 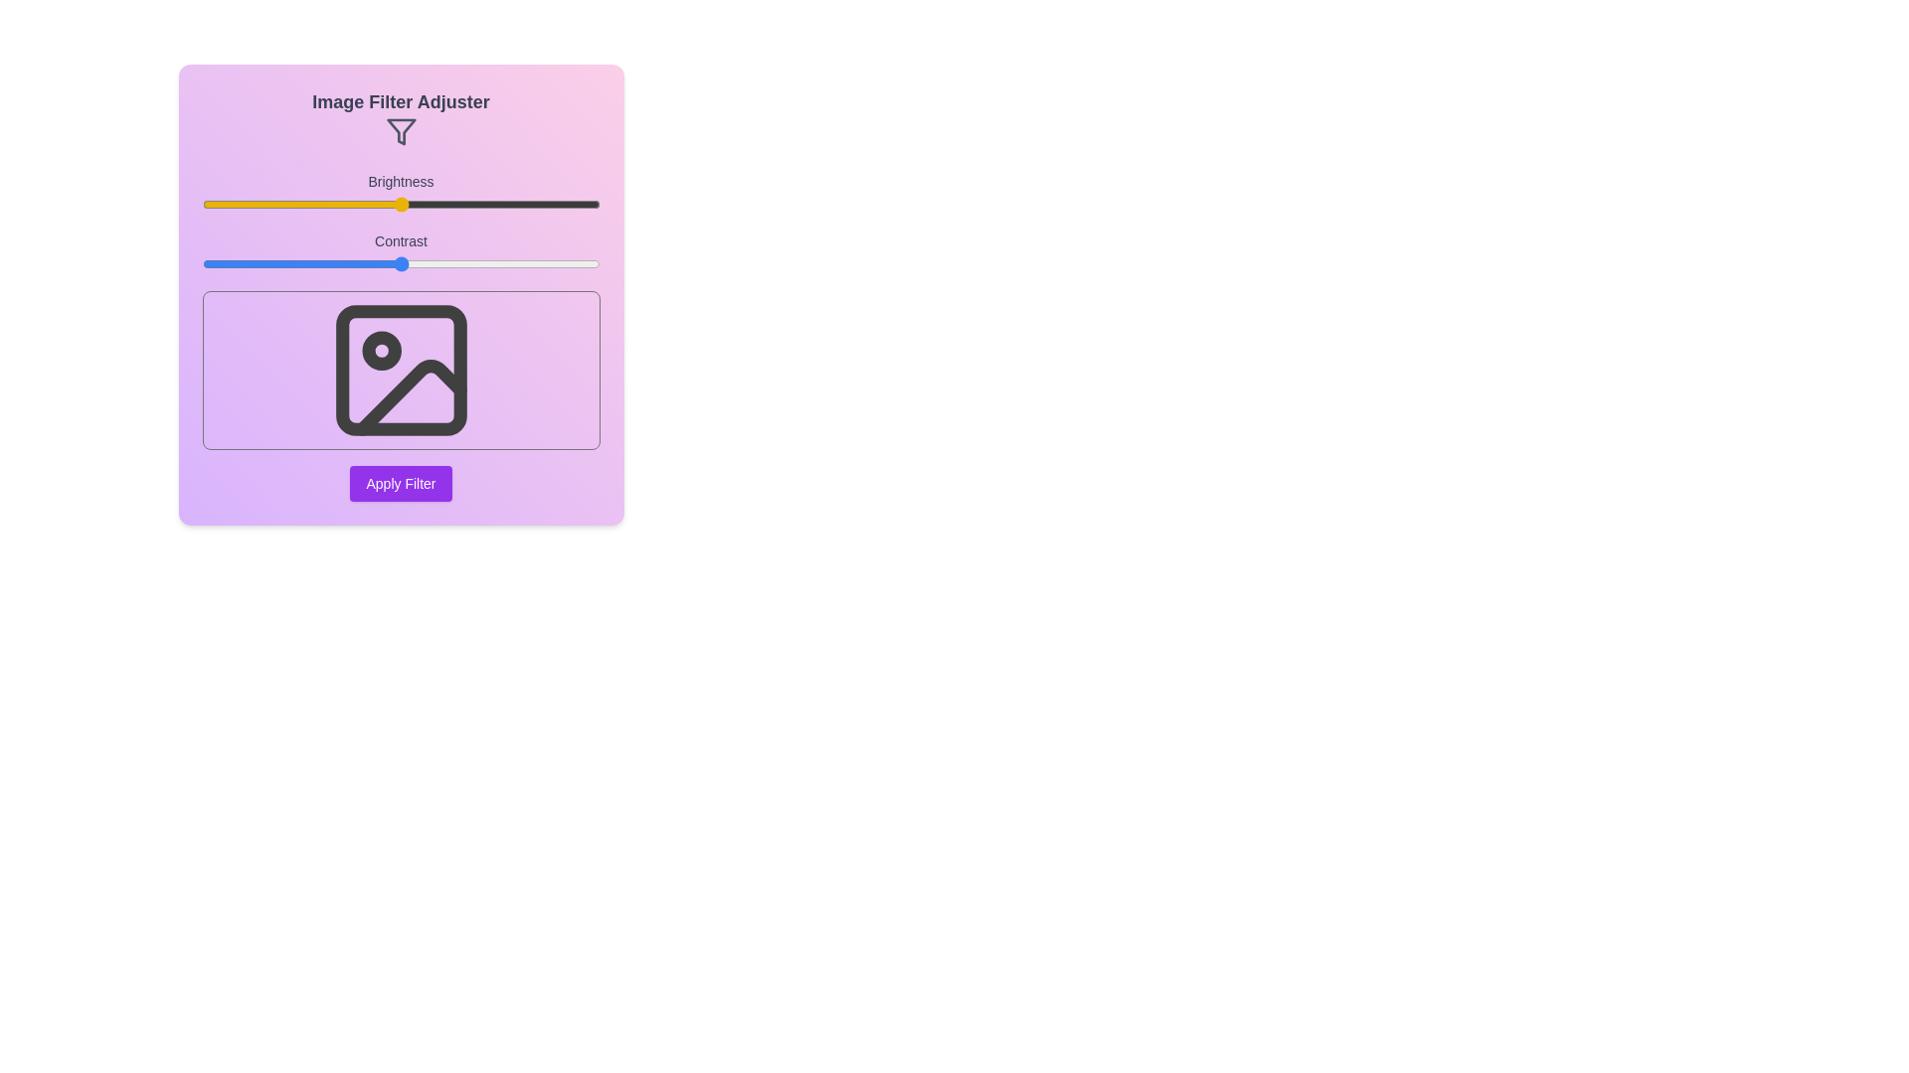 I want to click on the contrast slider to 15%, so click(x=260, y=263).